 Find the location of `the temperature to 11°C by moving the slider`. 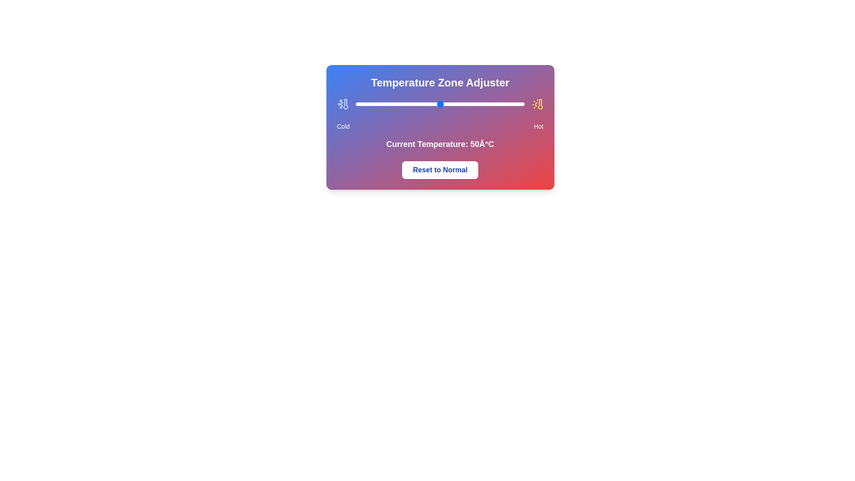

the temperature to 11°C by moving the slider is located at coordinates (374, 104).